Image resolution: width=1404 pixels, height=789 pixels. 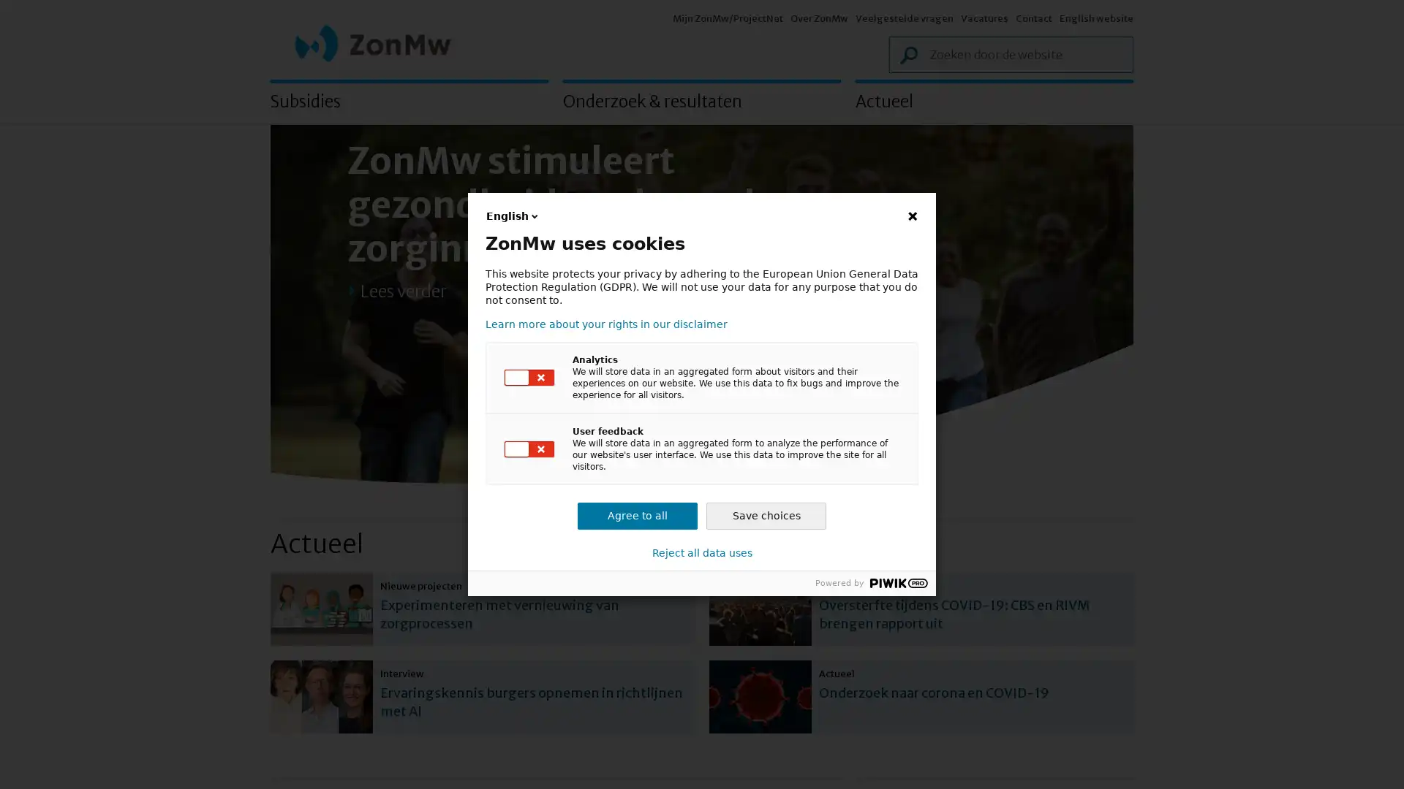 What do you see at coordinates (701, 552) in the screenshot?
I see `Reject all data uses` at bounding box center [701, 552].